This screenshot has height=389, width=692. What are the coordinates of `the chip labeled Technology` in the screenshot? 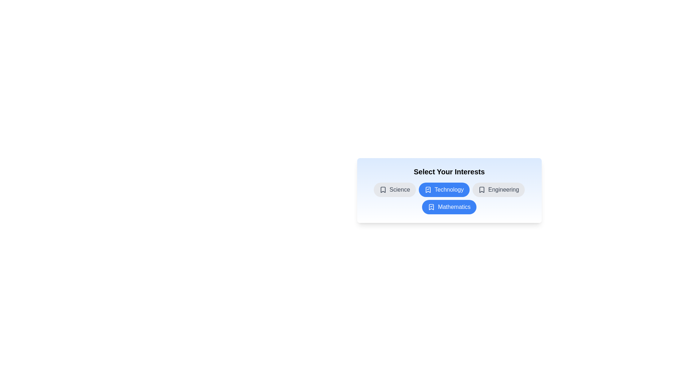 It's located at (444, 189).